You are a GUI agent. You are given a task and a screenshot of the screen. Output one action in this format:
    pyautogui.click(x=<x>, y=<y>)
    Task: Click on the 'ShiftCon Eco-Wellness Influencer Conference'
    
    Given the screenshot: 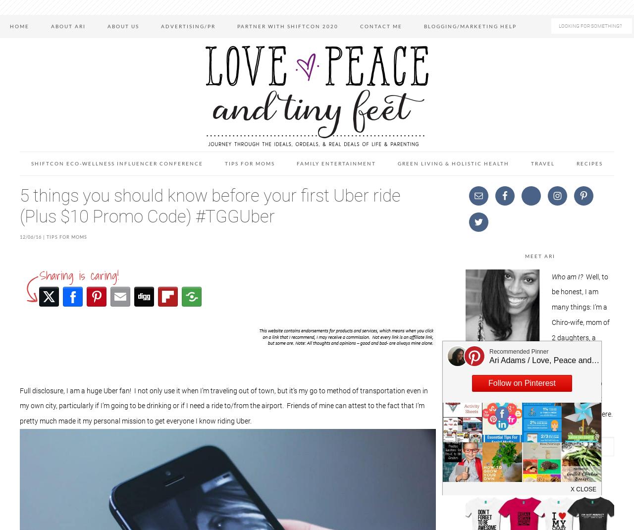 What is the action you would take?
    pyautogui.click(x=117, y=163)
    